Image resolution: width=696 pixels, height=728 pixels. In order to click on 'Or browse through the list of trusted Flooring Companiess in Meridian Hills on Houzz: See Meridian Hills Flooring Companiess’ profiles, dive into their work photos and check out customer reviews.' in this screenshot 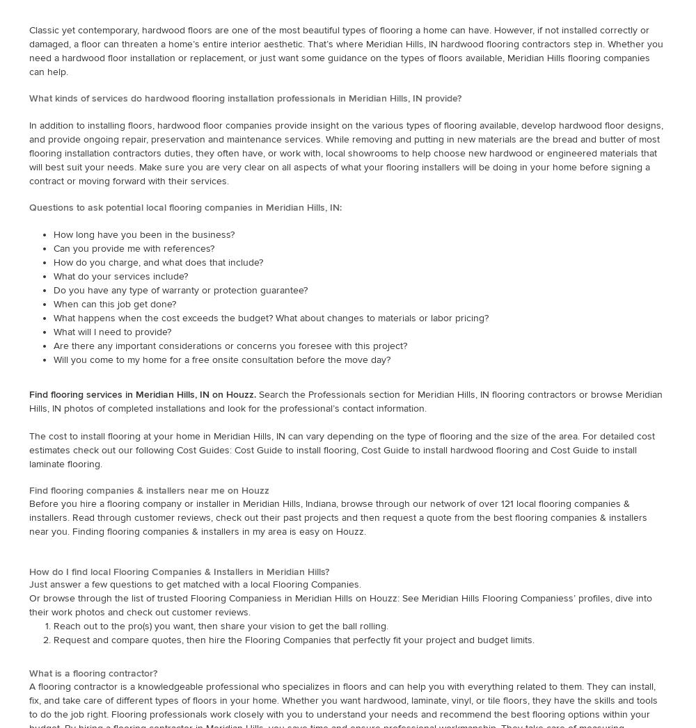, I will do `click(340, 604)`.